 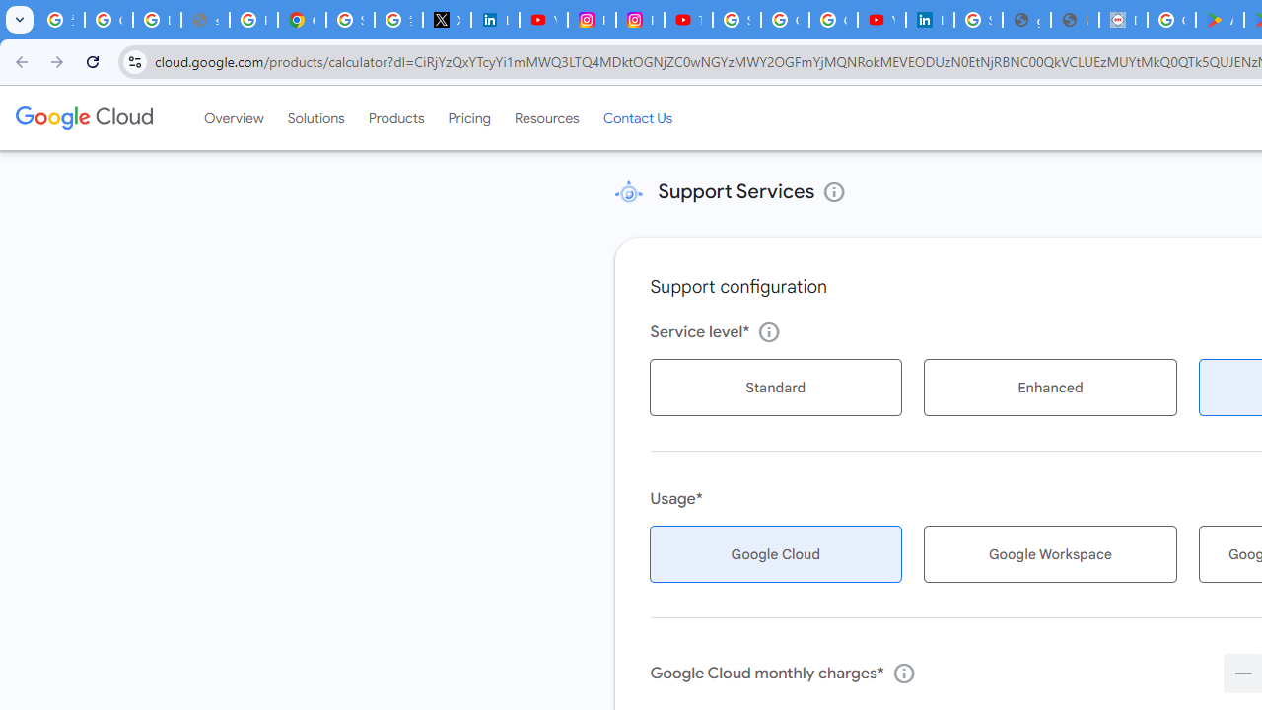 What do you see at coordinates (638, 117) in the screenshot?
I see `'Contact Us'` at bounding box center [638, 117].